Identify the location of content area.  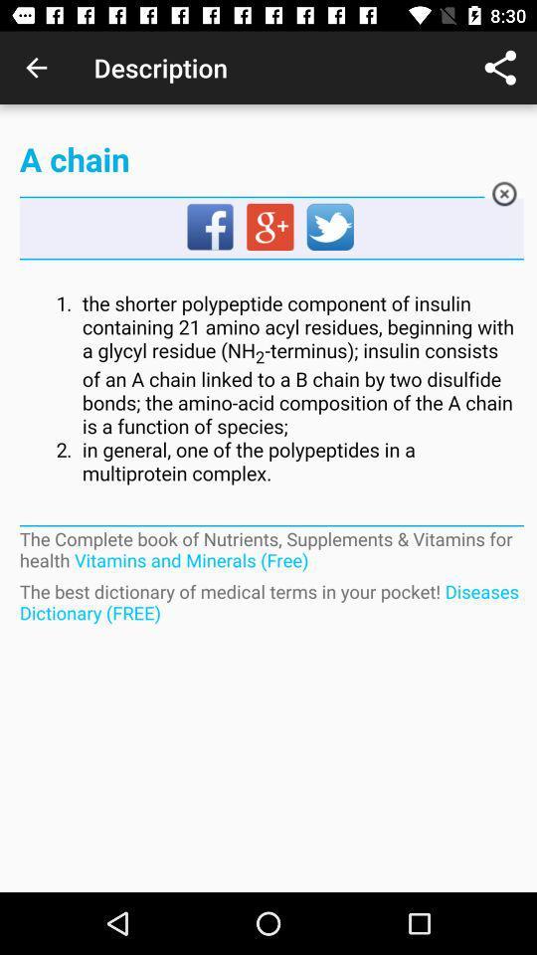
(270, 388).